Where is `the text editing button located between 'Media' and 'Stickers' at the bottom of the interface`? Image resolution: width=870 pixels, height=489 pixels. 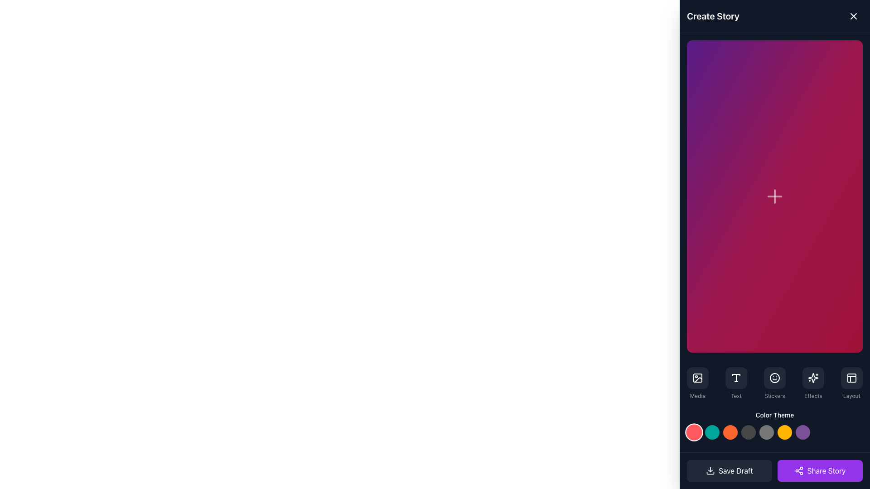 the text editing button located between 'Media' and 'Stickers' at the bottom of the interface is located at coordinates (736, 383).